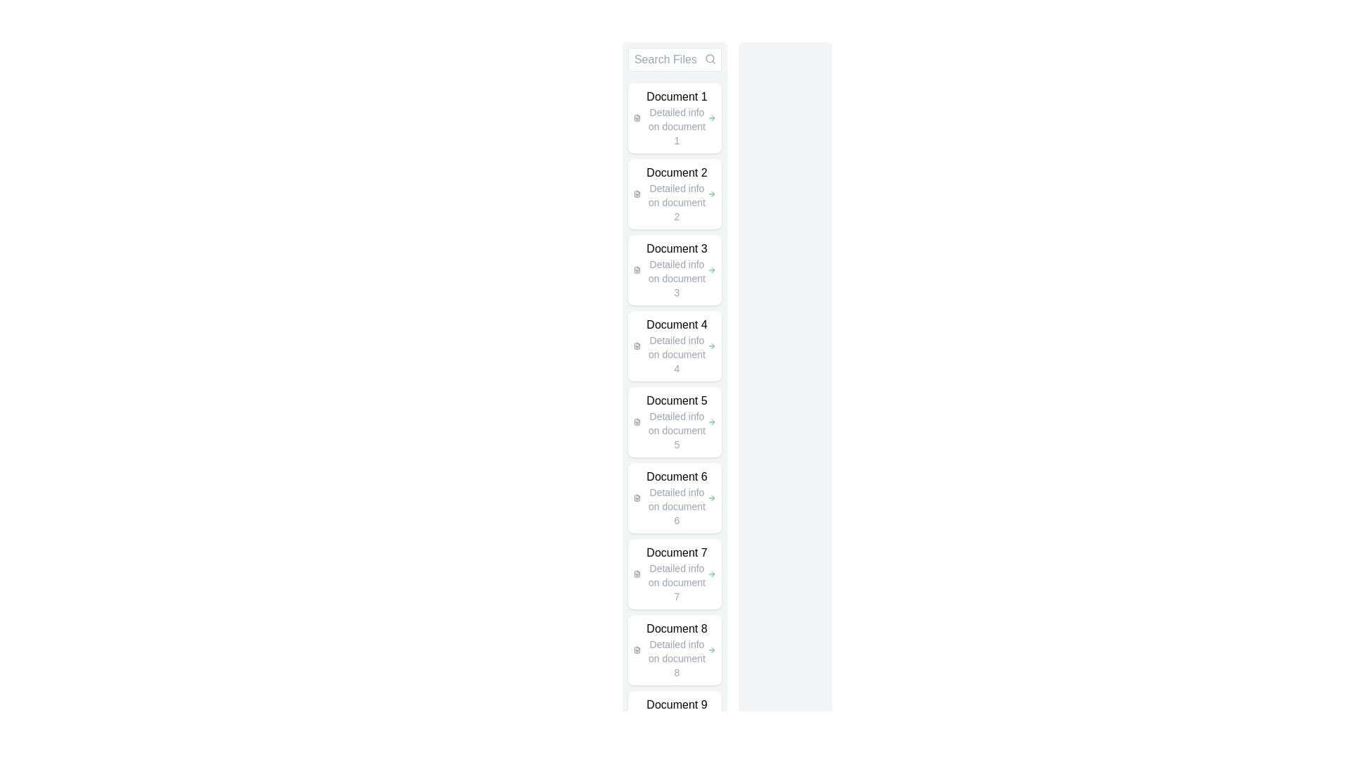 The height and width of the screenshot is (760, 1352). What do you see at coordinates (677, 705) in the screenshot?
I see `the text label that serves as the title for the list item, located in the ninth group of a vertically stacked list, positioned above 'Detailed info on document 9'` at bounding box center [677, 705].